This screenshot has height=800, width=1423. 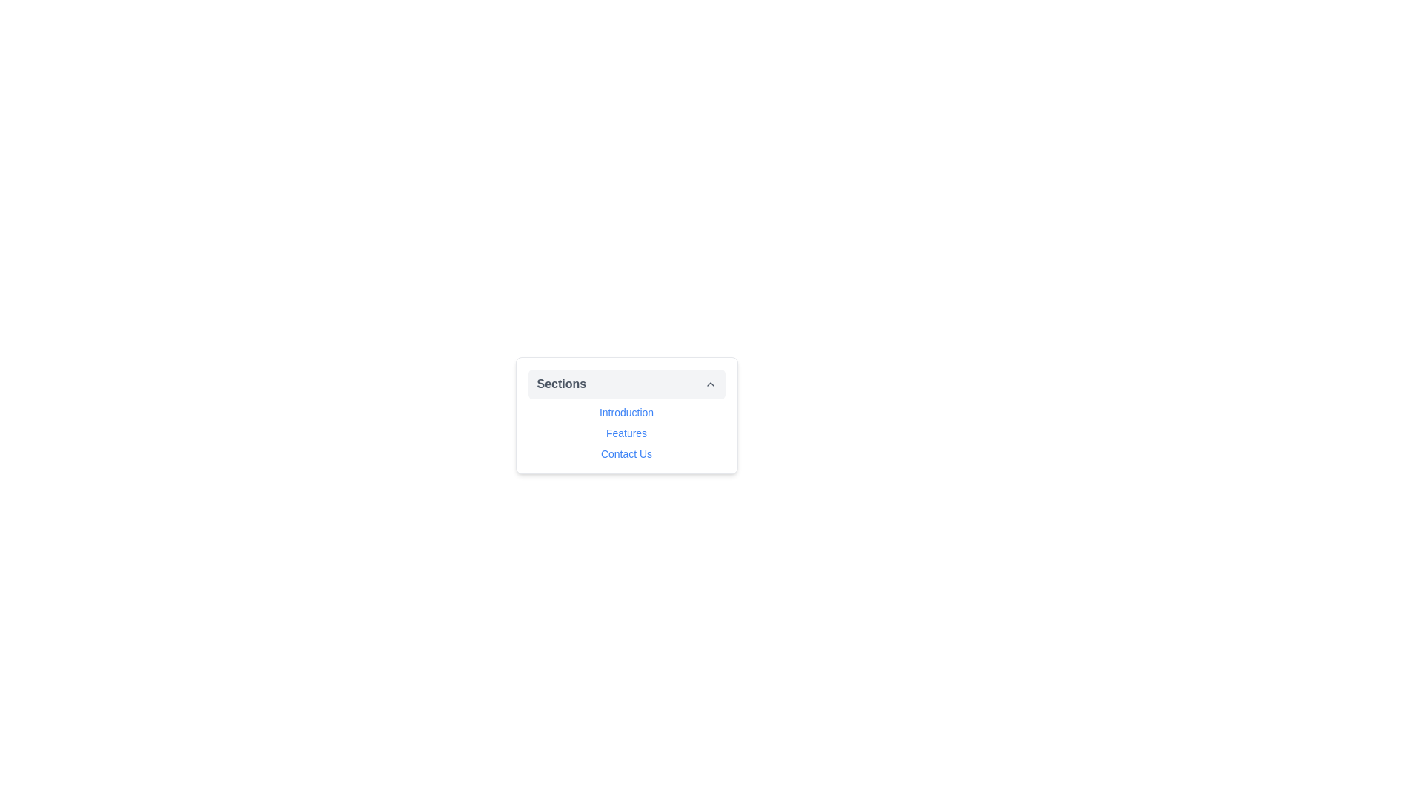 What do you see at coordinates (626, 453) in the screenshot?
I see `the navigational link that leads to the contact section, positioned below 'Introduction' and 'Features' in the 'Sections' dropdown menu` at bounding box center [626, 453].